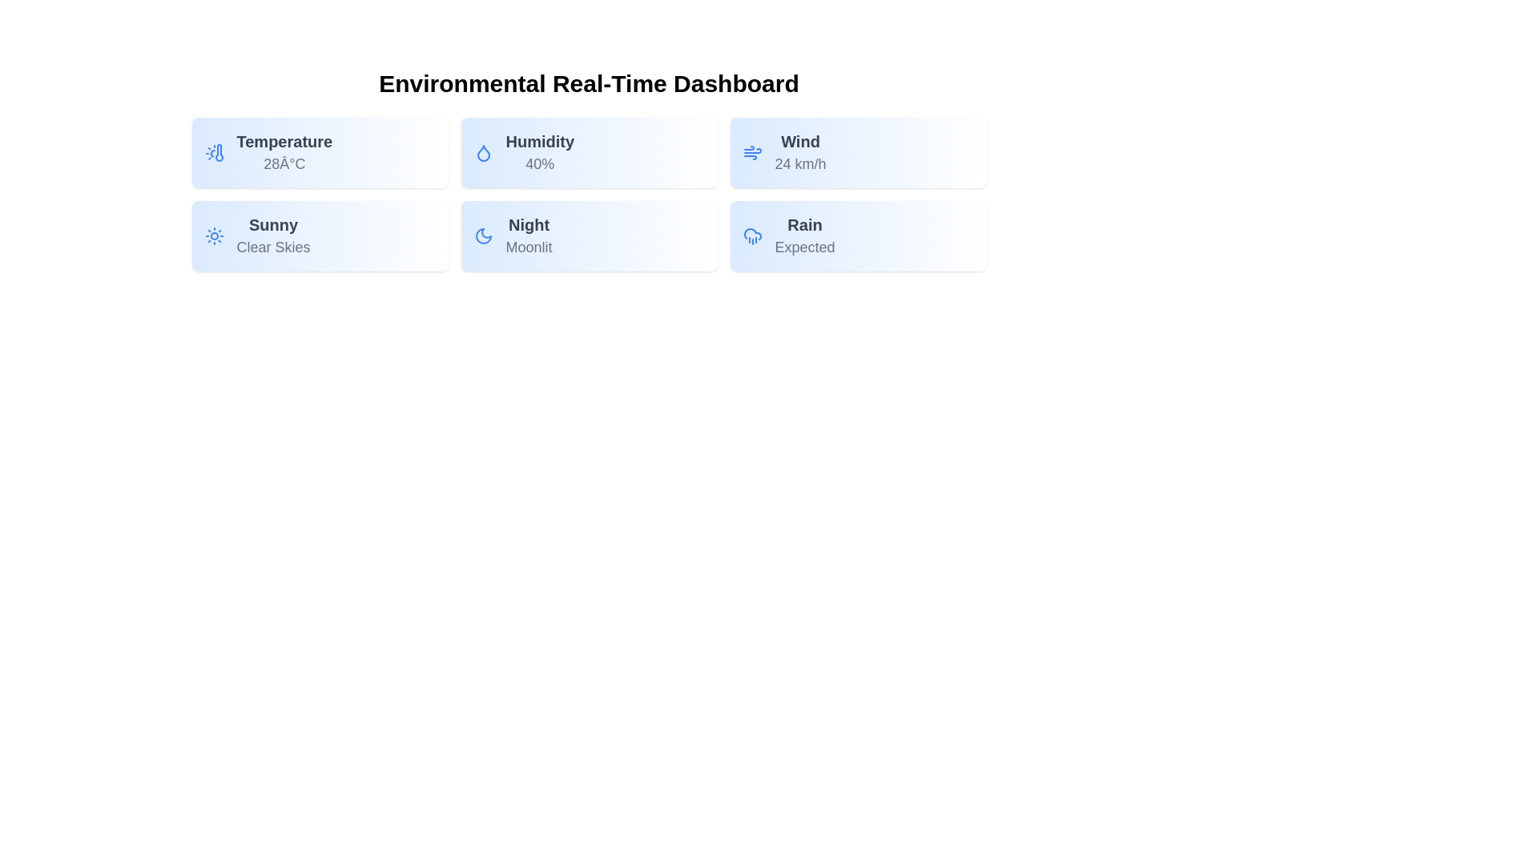 The image size is (1538, 865). I want to click on text label displaying 'Clear Skies' which is styled in medium gray text and located below the 'Sunny' label in the weather tile, so click(273, 247).